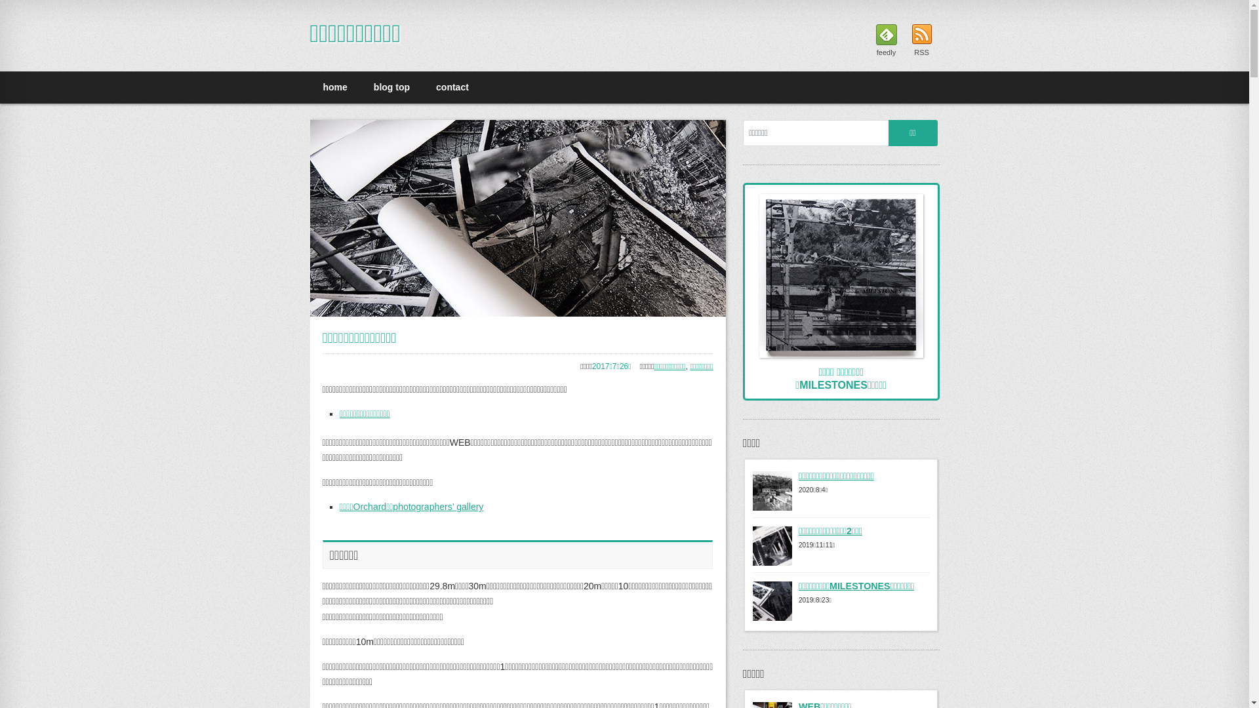 The width and height of the screenshot is (1259, 708). What do you see at coordinates (885, 40) in the screenshot?
I see `'feedly'` at bounding box center [885, 40].